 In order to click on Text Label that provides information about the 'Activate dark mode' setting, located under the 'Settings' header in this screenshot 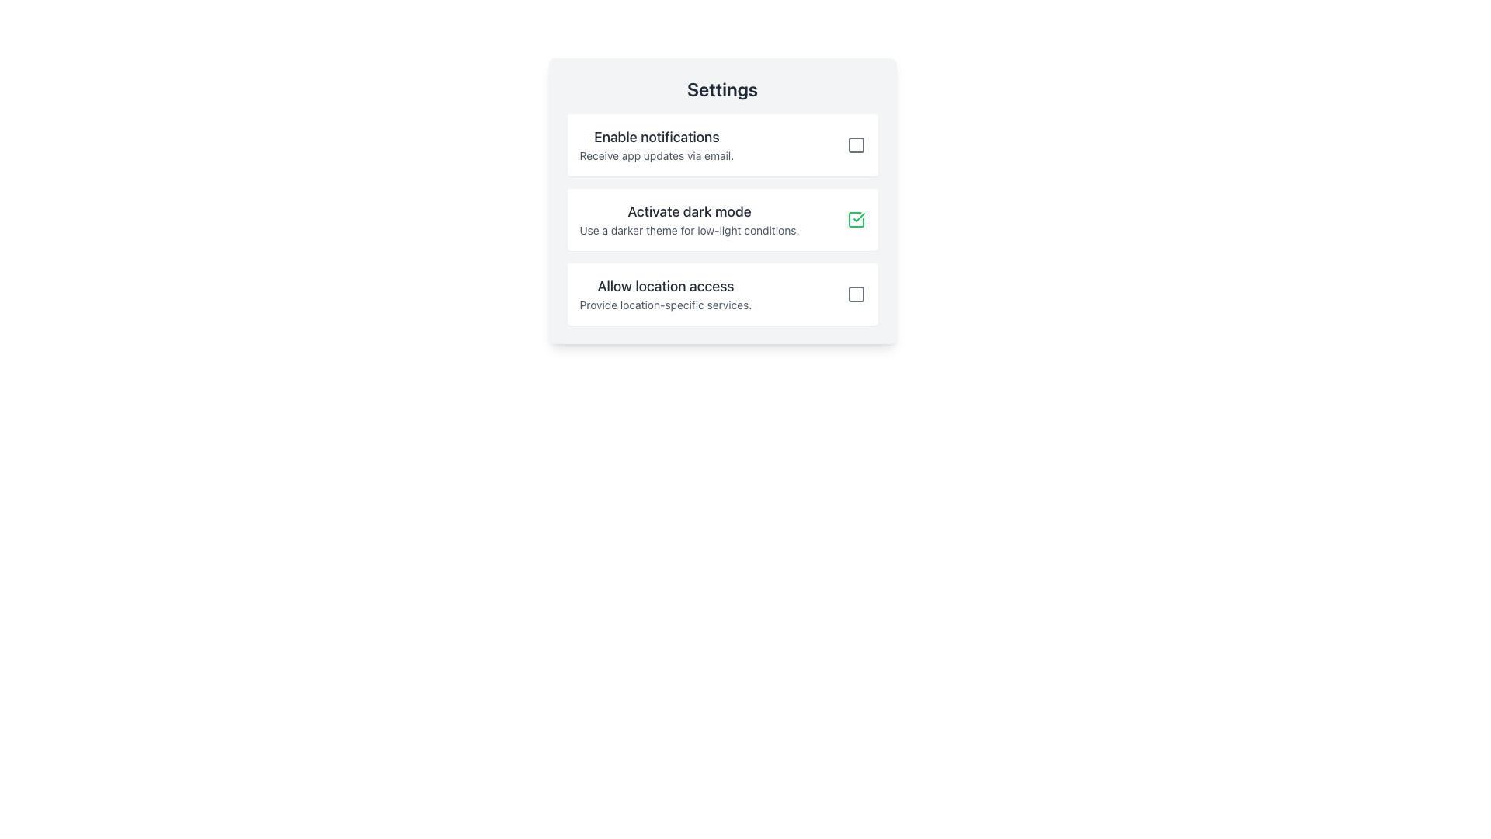, I will do `click(689, 219)`.